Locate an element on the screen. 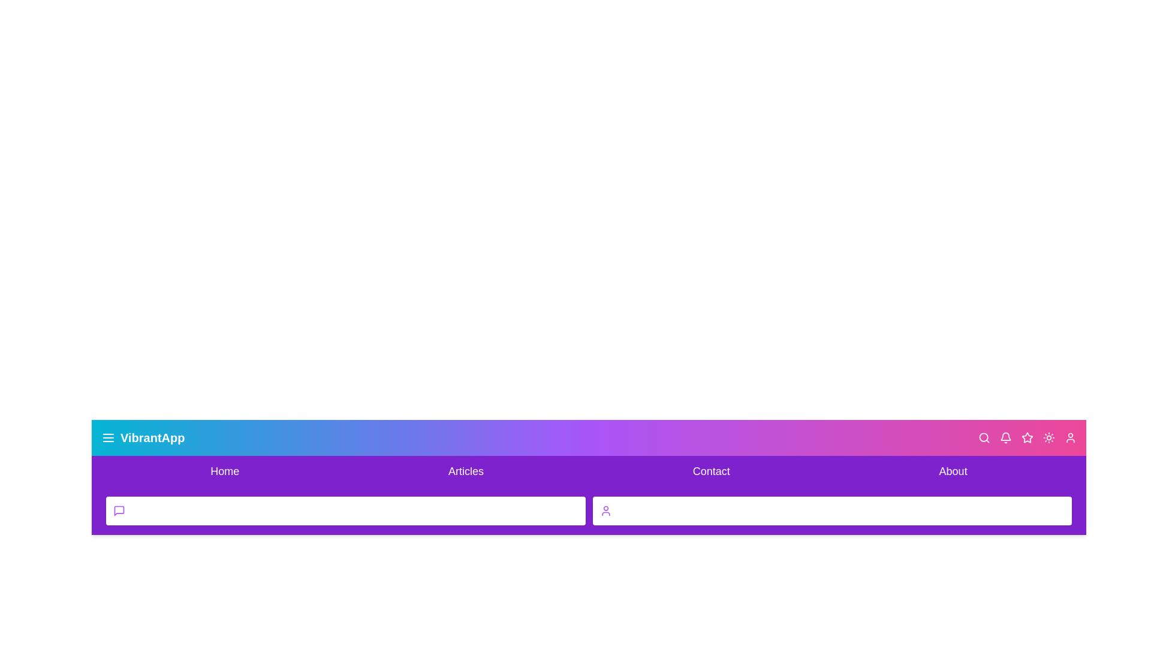 The height and width of the screenshot is (647, 1151). the sun icon to toggle between light and dark modes is located at coordinates (1048, 438).